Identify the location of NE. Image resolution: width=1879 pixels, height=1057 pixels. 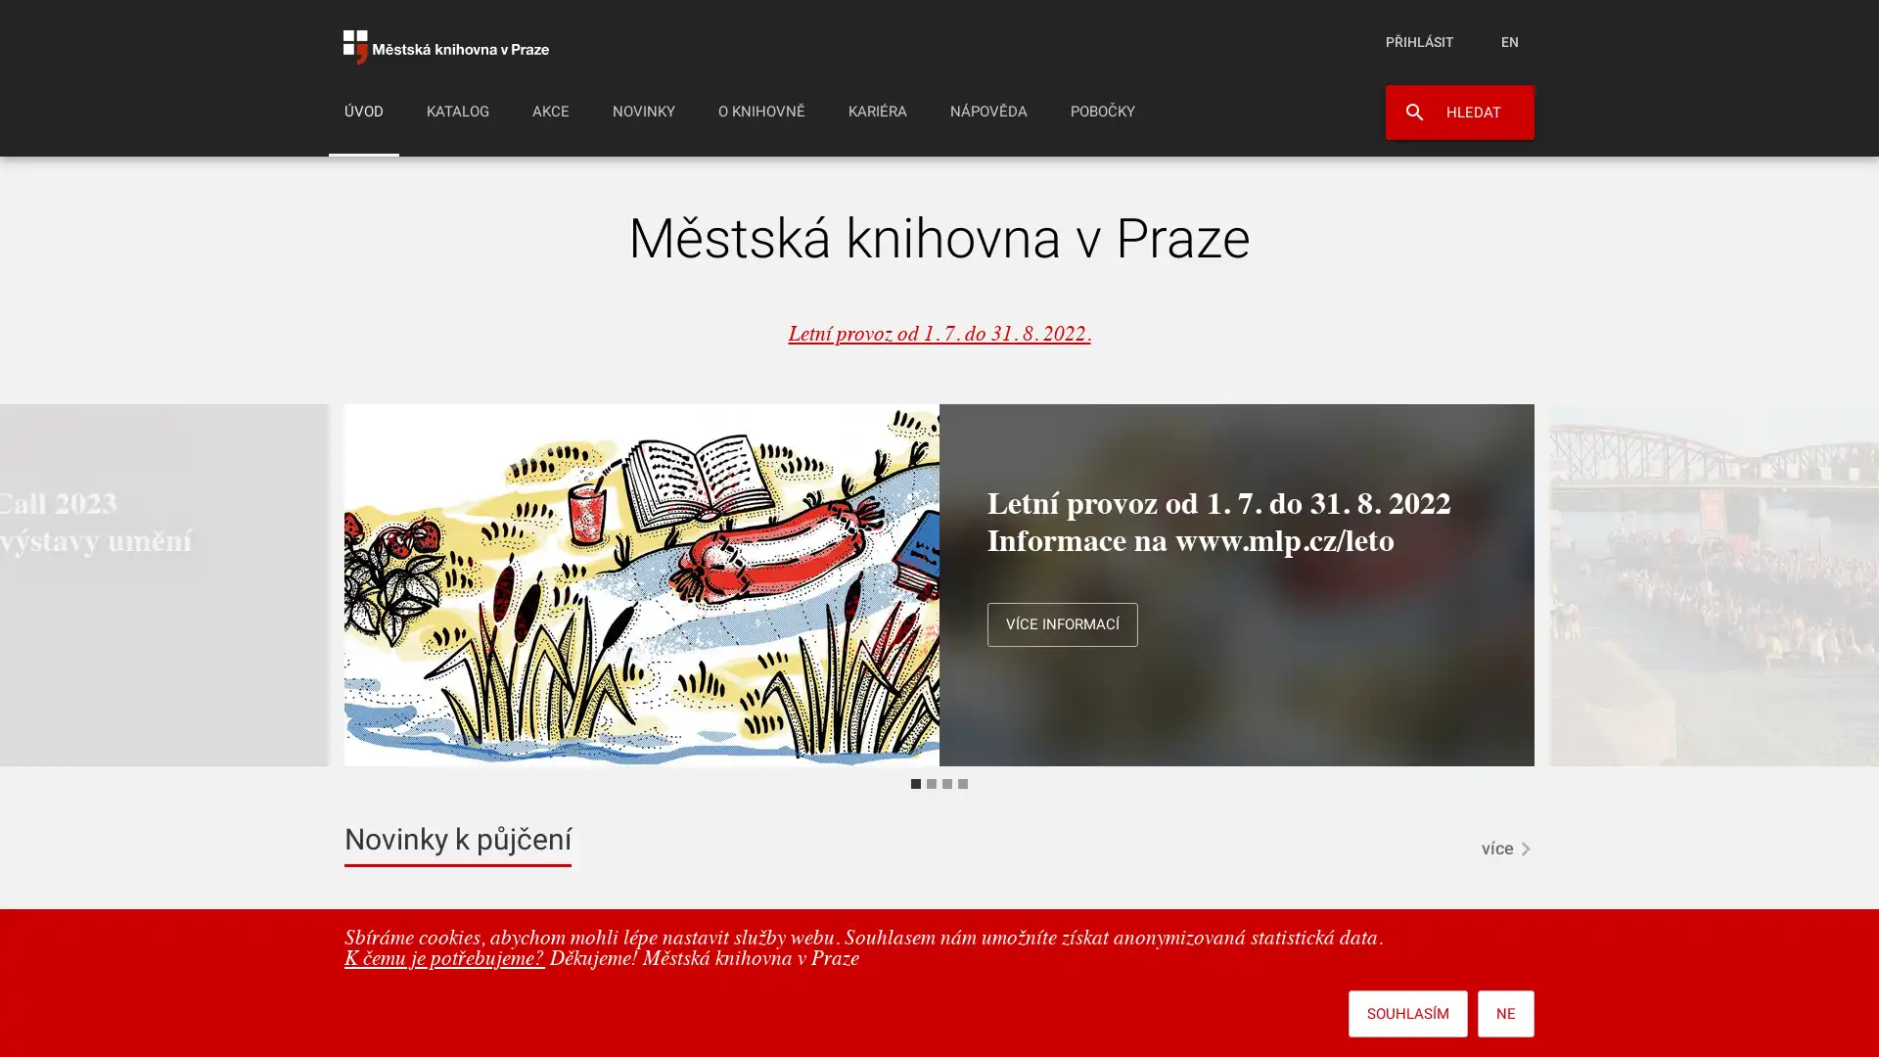
(1505, 1013).